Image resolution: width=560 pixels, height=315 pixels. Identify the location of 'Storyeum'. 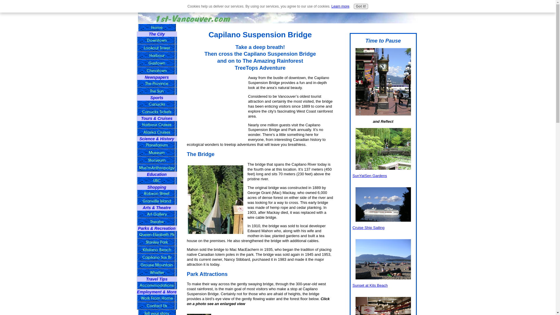
(157, 160).